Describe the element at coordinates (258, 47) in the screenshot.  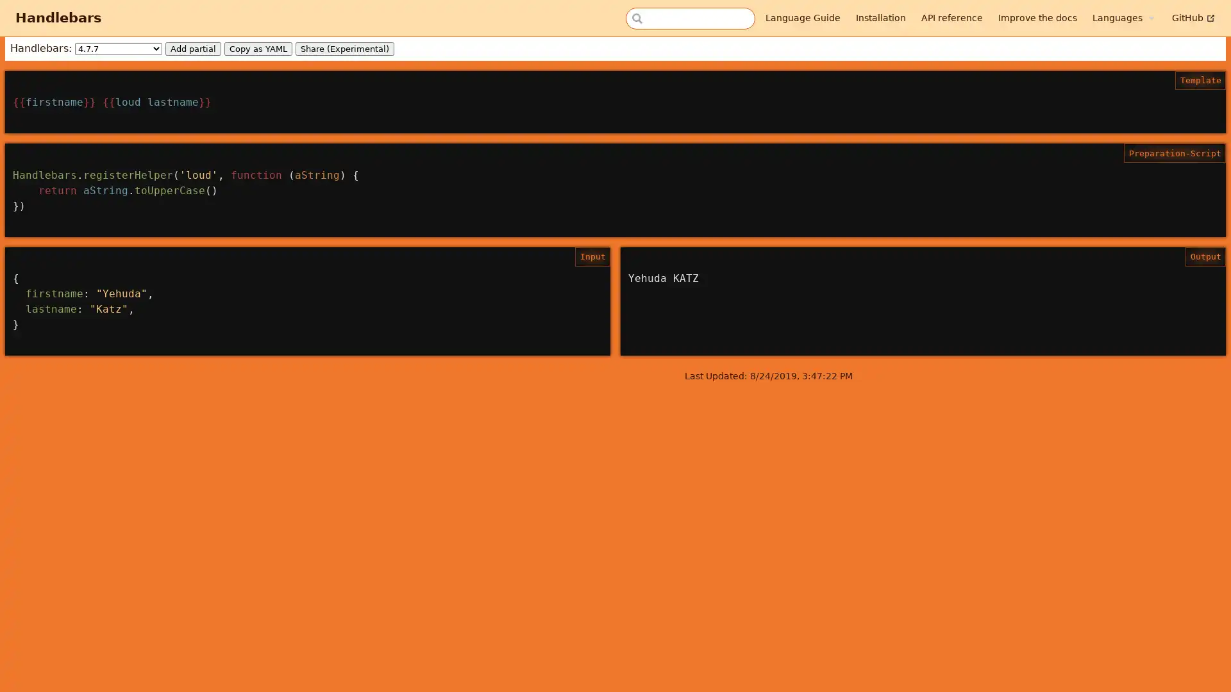
I see `Copy as YAML` at that location.